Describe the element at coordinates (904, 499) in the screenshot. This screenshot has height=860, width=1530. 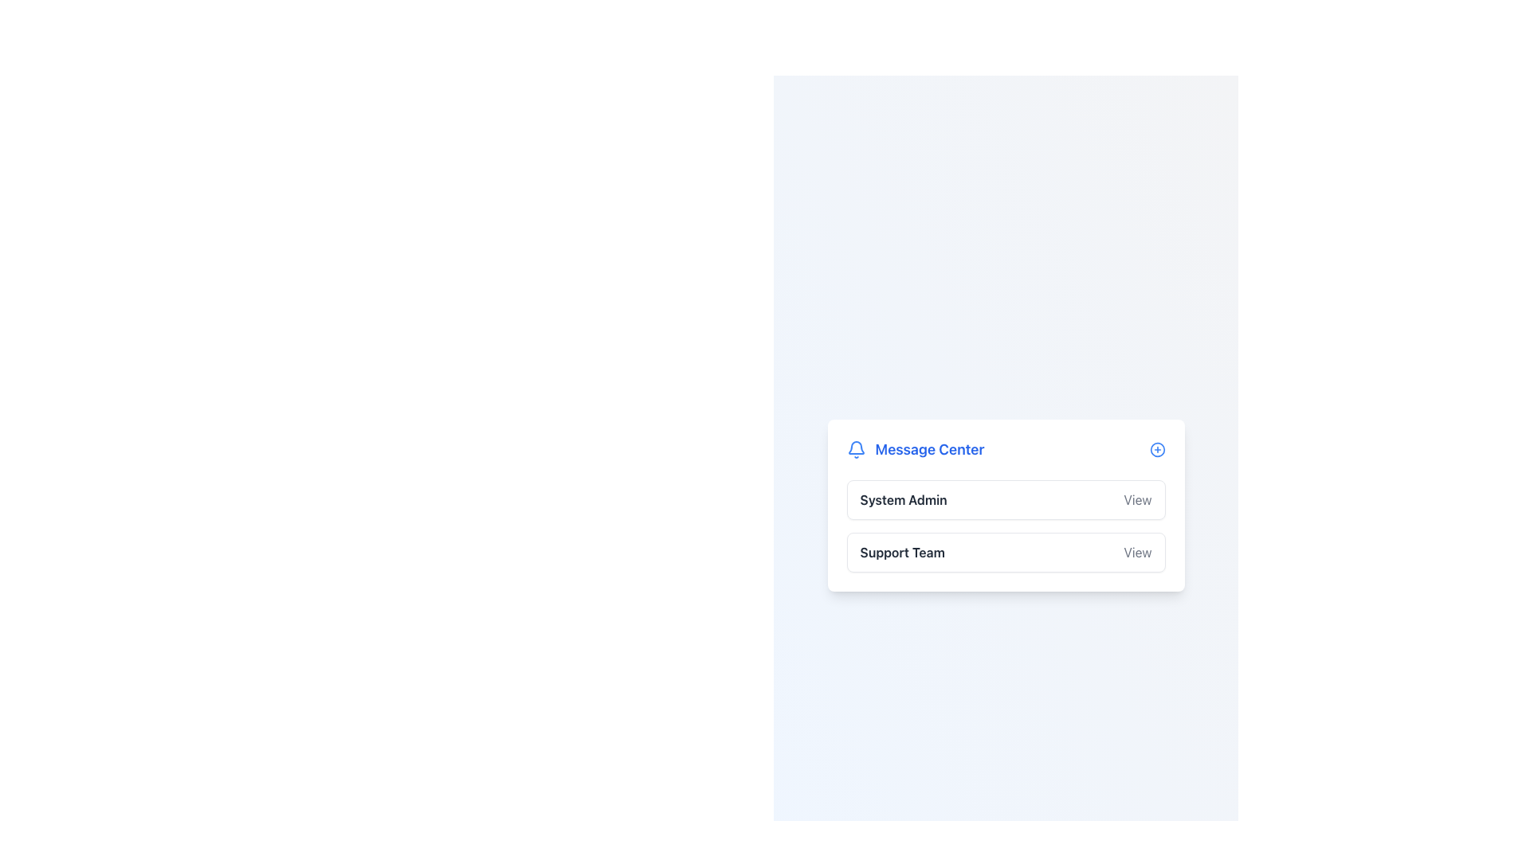
I see `the text label 'System Admin' which is styled in bold dark gray and located within the 'Message Center' card, positioned to the left of the 'View' link` at that location.